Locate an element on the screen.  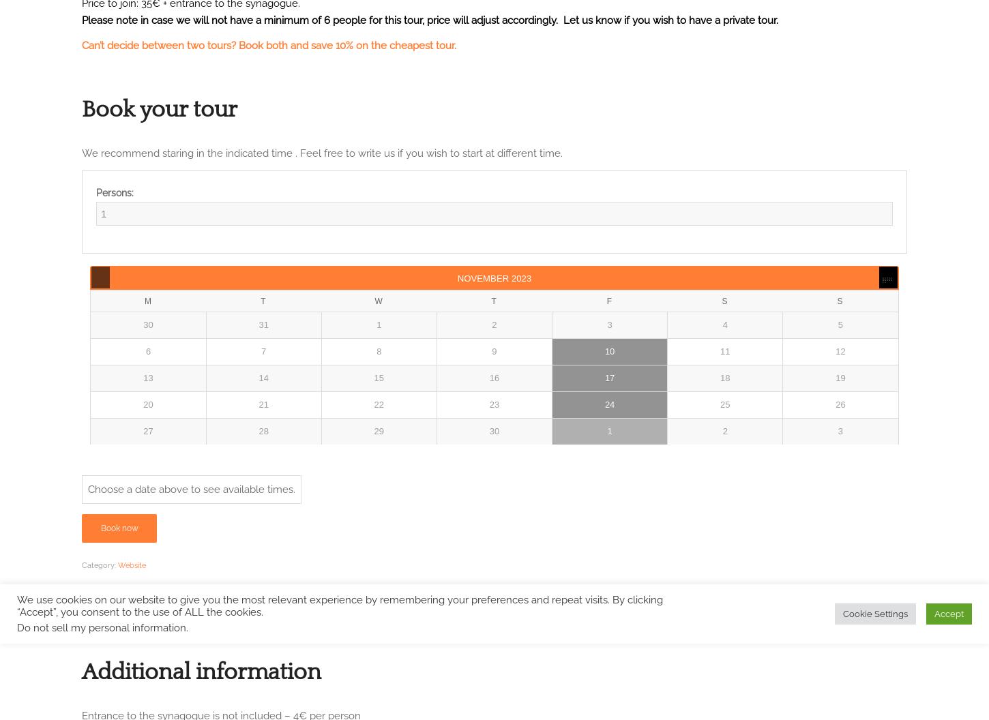
'2023' is located at coordinates (521, 278).